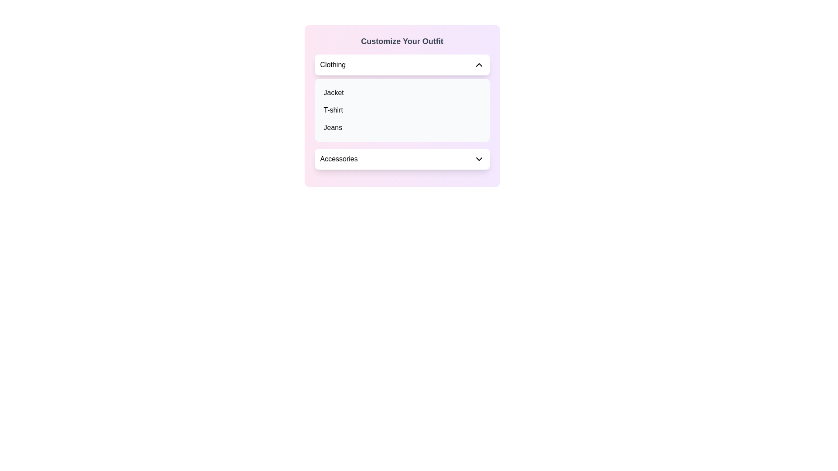 Image resolution: width=838 pixels, height=471 pixels. What do you see at coordinates (402, 128) in the screenshot?
I see `the 'Jeans' option in the Clothing category menu to make a selection` at bounding box center [402, 128].